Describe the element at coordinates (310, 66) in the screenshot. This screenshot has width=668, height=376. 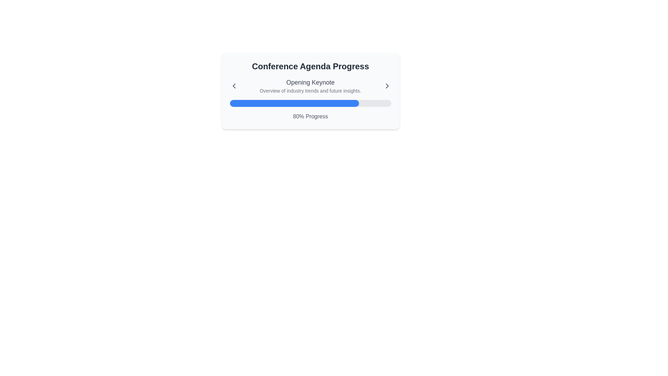
I see `the bold text label saying 'Conference Agenda Progress', which is styled prominently in a large font and centered at the top of the interface` at that location.